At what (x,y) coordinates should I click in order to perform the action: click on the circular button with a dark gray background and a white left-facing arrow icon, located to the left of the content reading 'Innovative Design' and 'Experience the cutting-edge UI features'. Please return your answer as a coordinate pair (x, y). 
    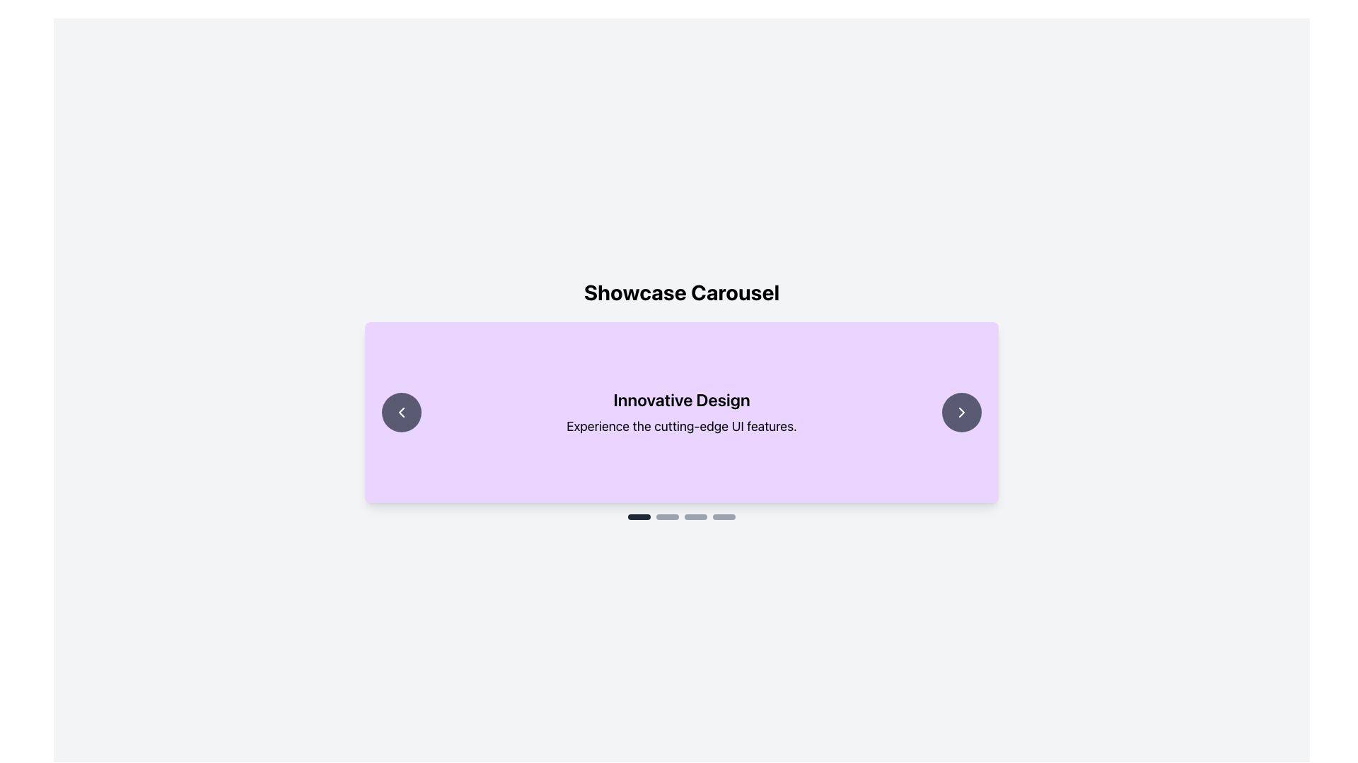
    Looking at the image, I should click on (400, 412).